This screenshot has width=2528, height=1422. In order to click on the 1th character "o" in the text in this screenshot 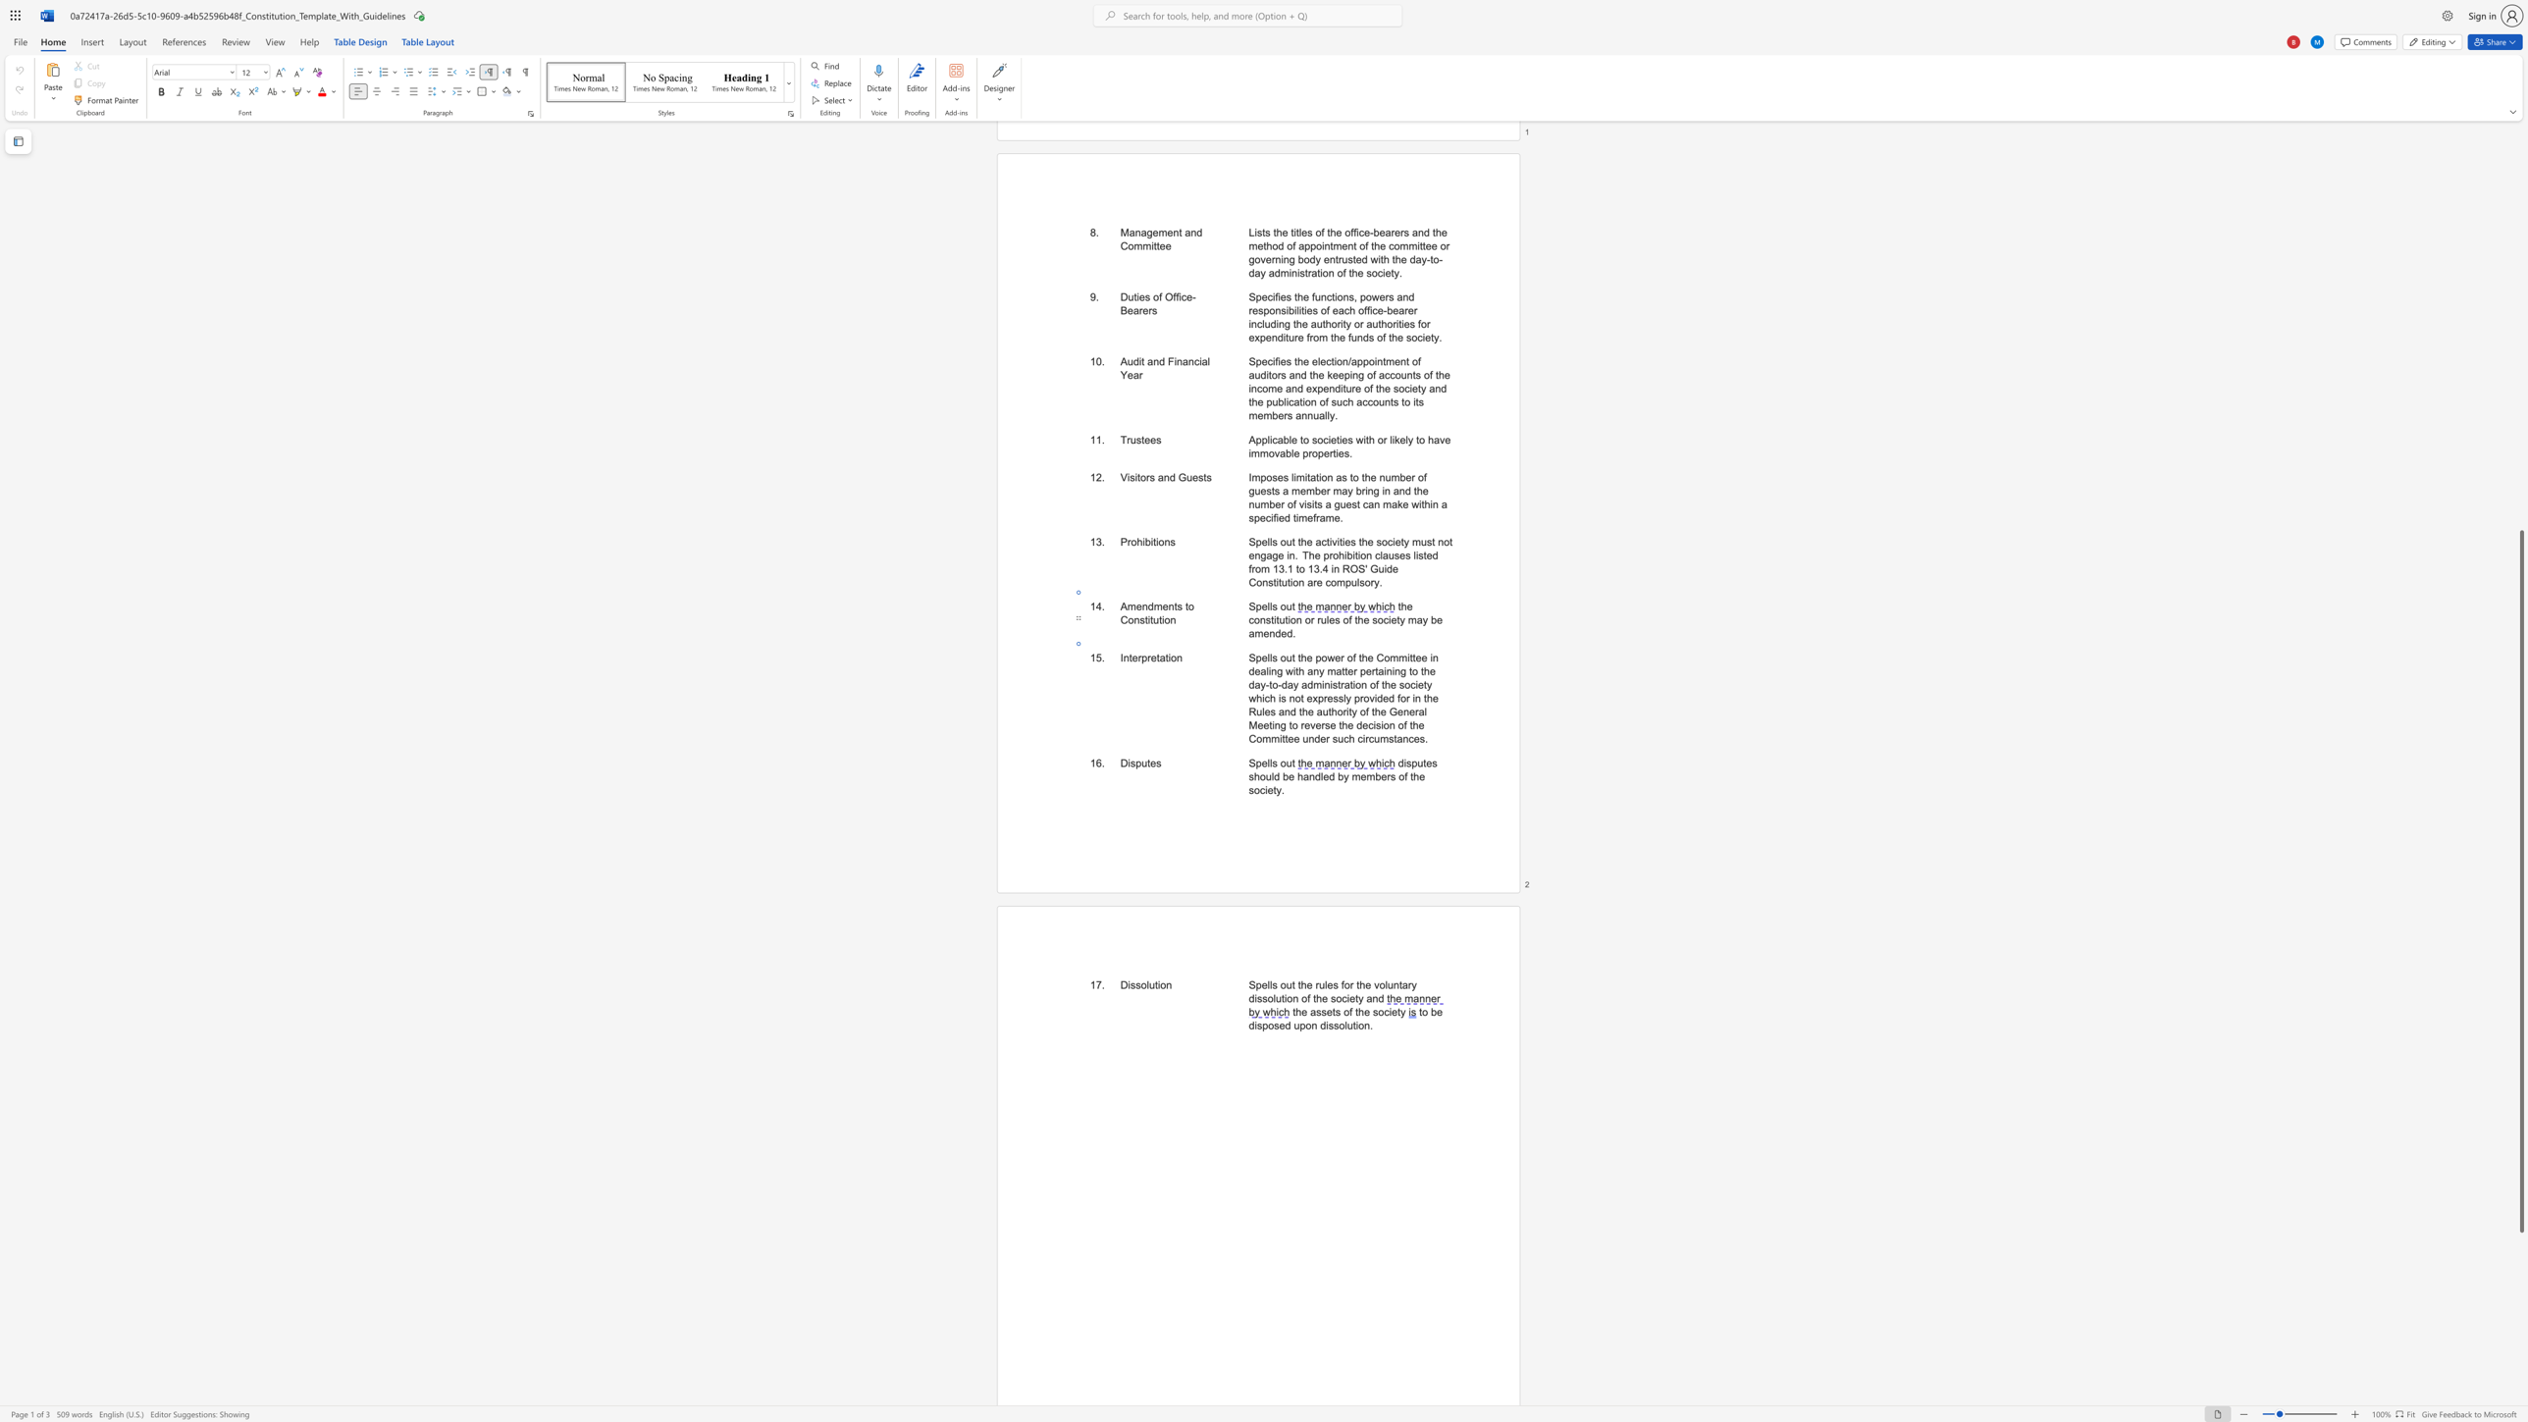, I will do `click(1423, 1012)`.